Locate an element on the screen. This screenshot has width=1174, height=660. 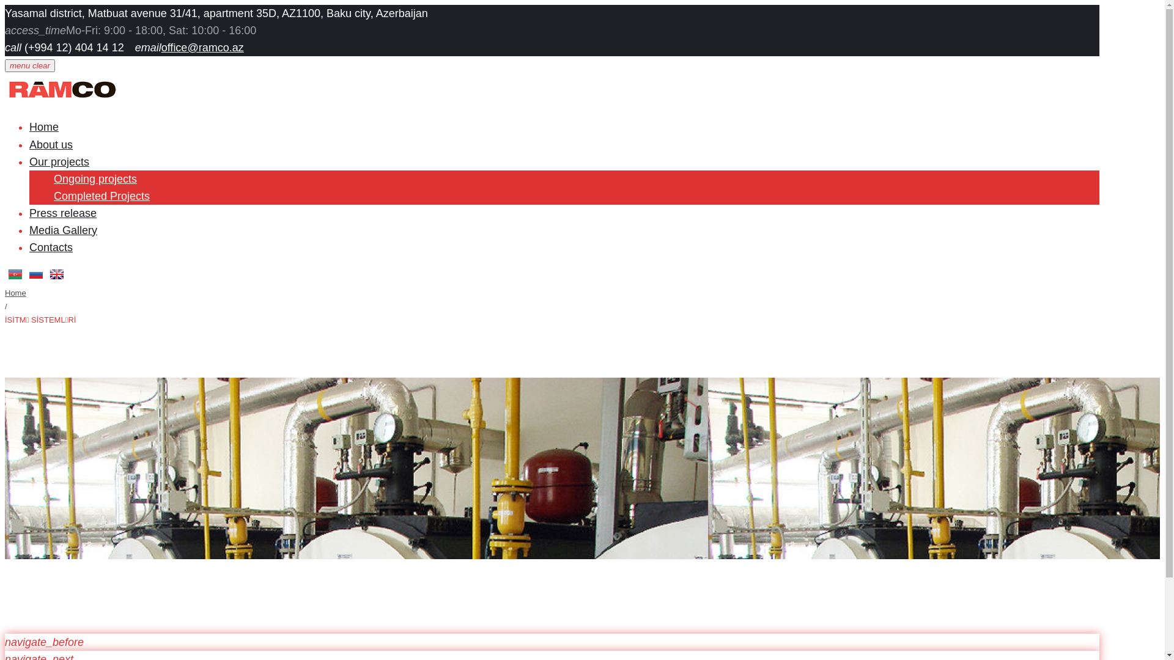
'Completed Projects' is located at coordinates (102, 195).